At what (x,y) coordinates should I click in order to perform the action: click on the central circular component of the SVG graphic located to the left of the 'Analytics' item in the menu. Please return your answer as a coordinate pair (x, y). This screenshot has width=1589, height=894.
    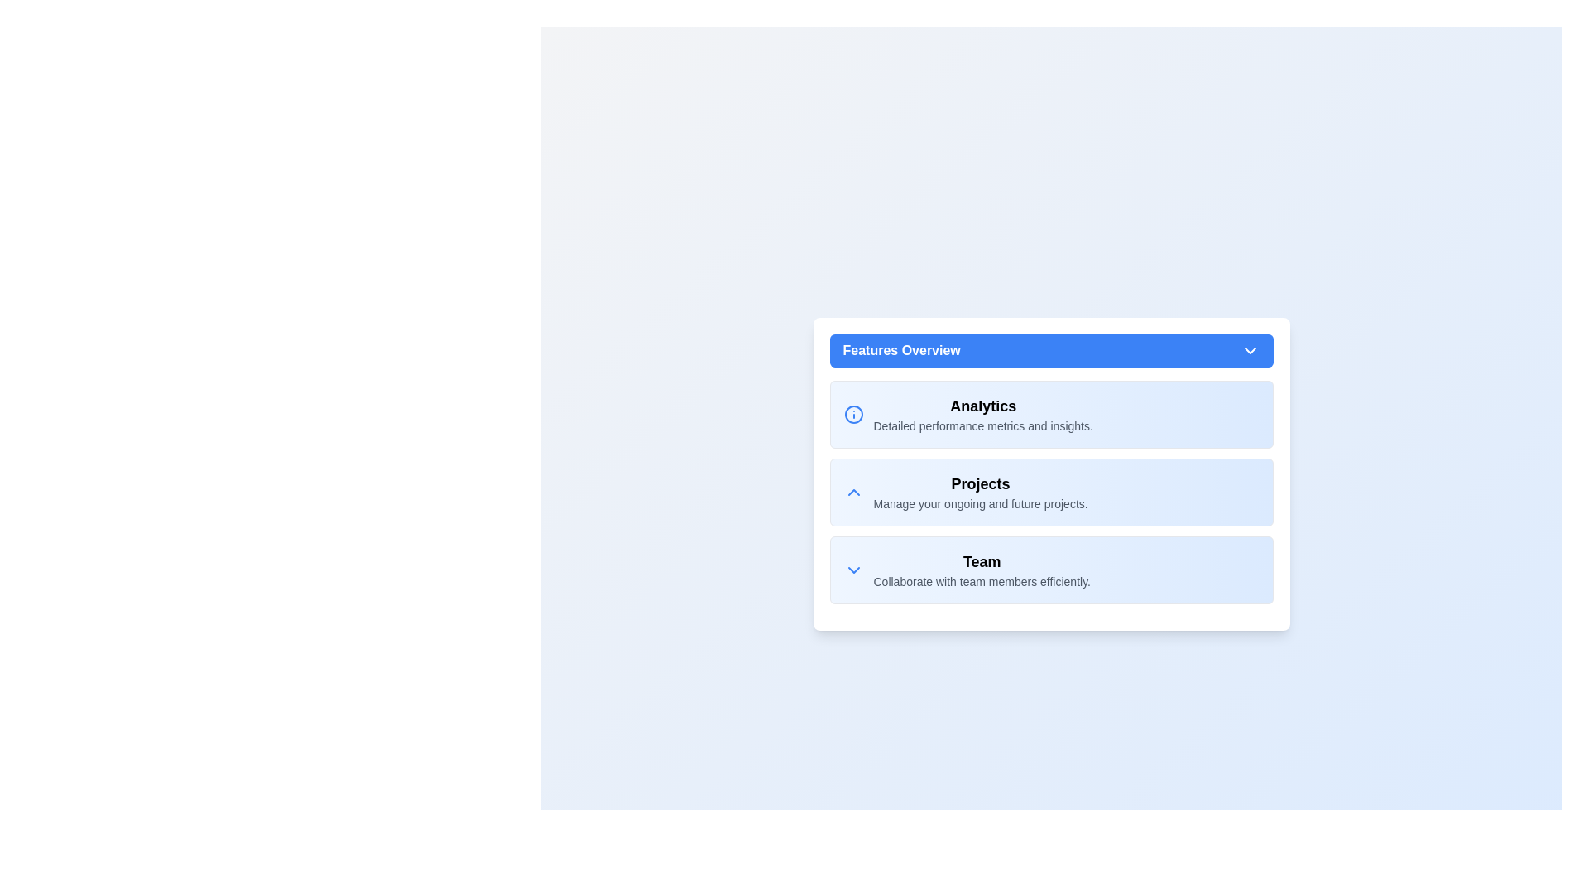
    Looking at the image, I should click on (853, 414).